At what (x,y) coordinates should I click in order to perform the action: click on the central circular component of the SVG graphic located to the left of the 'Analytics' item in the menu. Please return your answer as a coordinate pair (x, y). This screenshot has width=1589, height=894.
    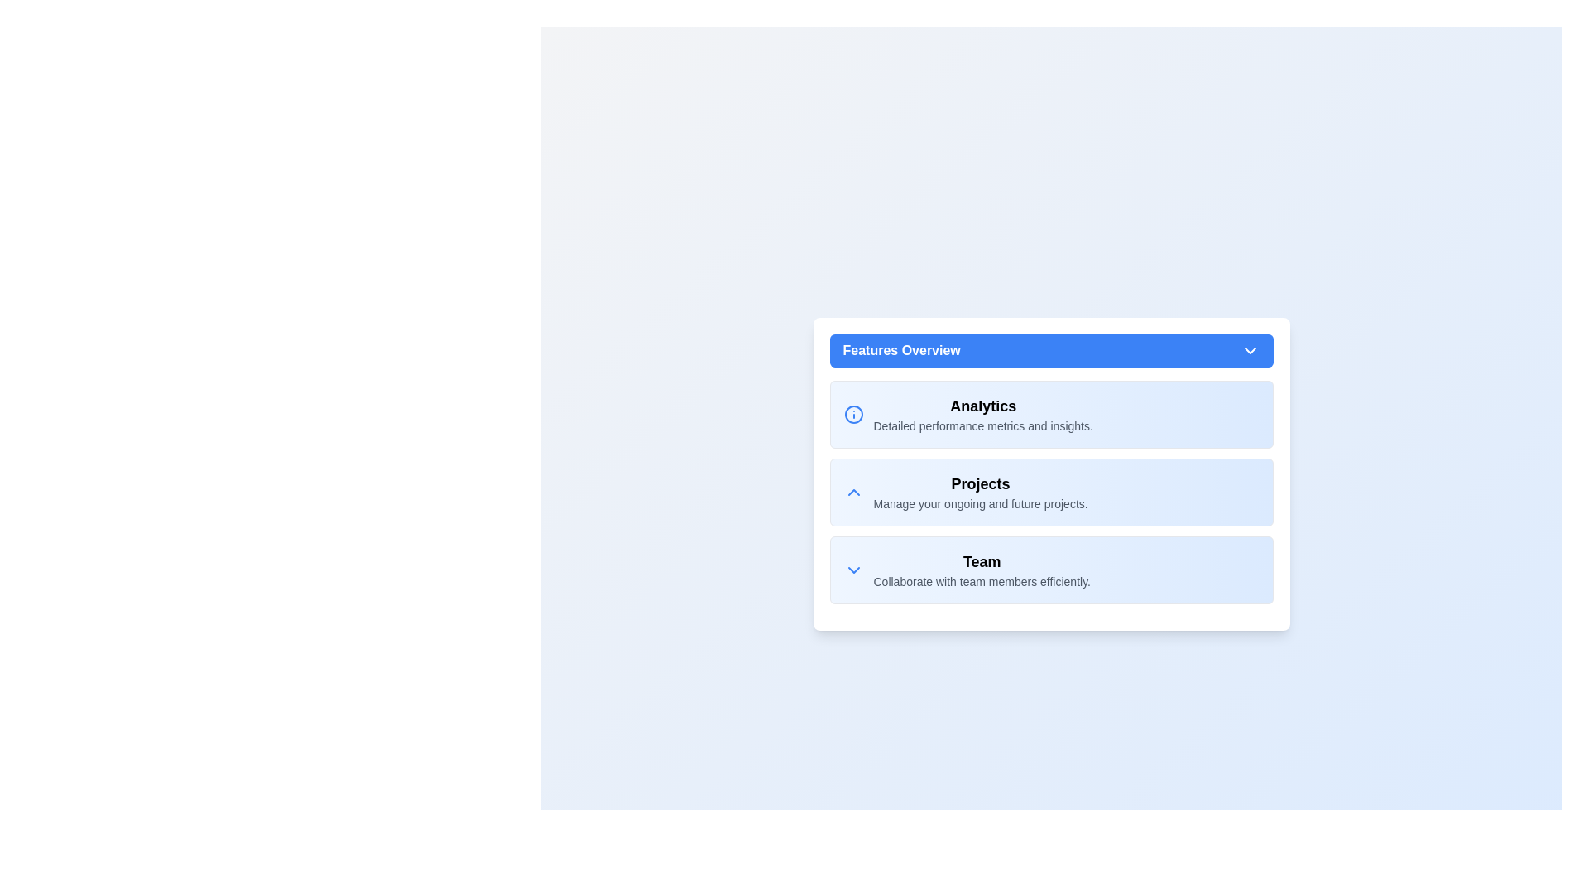
    Looking at the image, I should click on (853, 414).